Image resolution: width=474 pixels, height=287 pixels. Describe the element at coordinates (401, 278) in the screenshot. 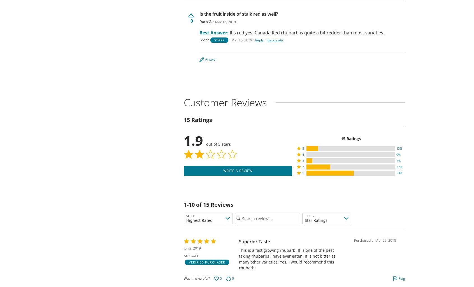

I see `'Flag'` at that location.